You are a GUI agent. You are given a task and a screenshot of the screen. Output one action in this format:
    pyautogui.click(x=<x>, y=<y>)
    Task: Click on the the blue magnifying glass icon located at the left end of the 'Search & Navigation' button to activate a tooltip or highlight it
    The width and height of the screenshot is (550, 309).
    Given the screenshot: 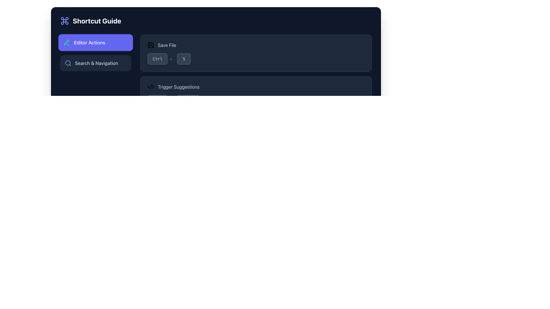 What is the action you would take?
    pyautogui.click(x=68, y=63)
    